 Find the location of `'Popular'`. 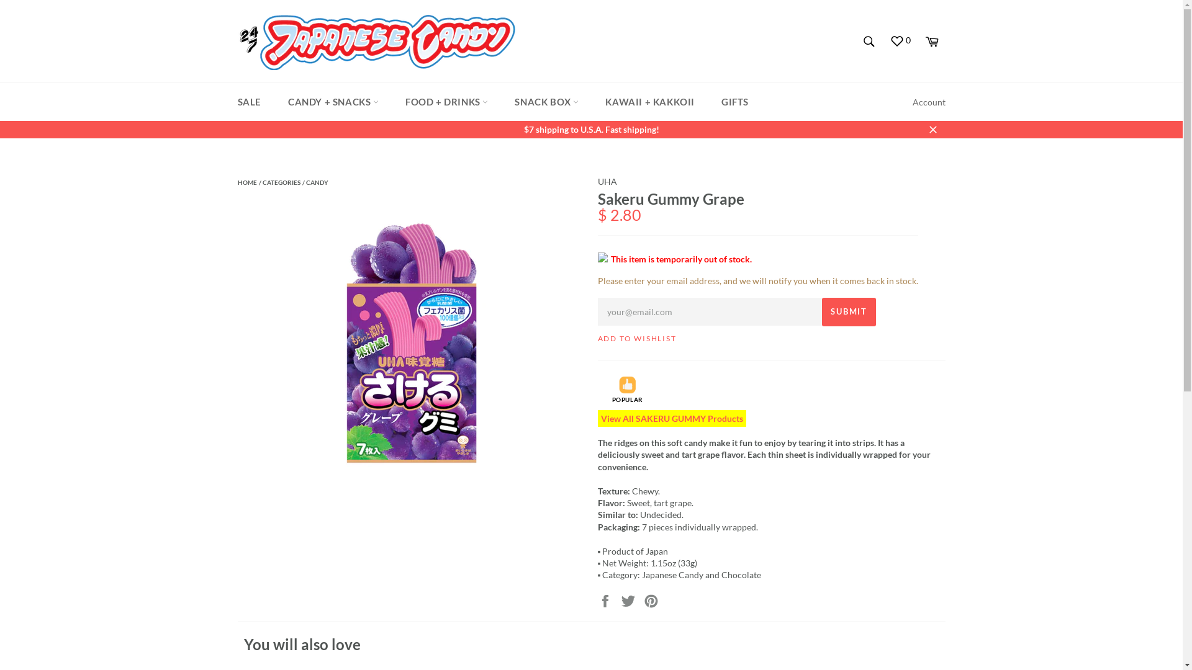

'Popular' is located at coordinates (628, 384).